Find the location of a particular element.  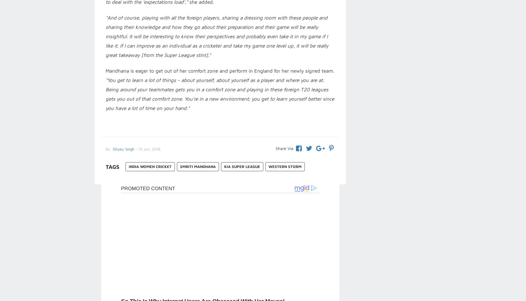

'Mandhana is eager to get out of her comfort zone and perform in England for her newly signed team.' is located at coordinates (105, 71).